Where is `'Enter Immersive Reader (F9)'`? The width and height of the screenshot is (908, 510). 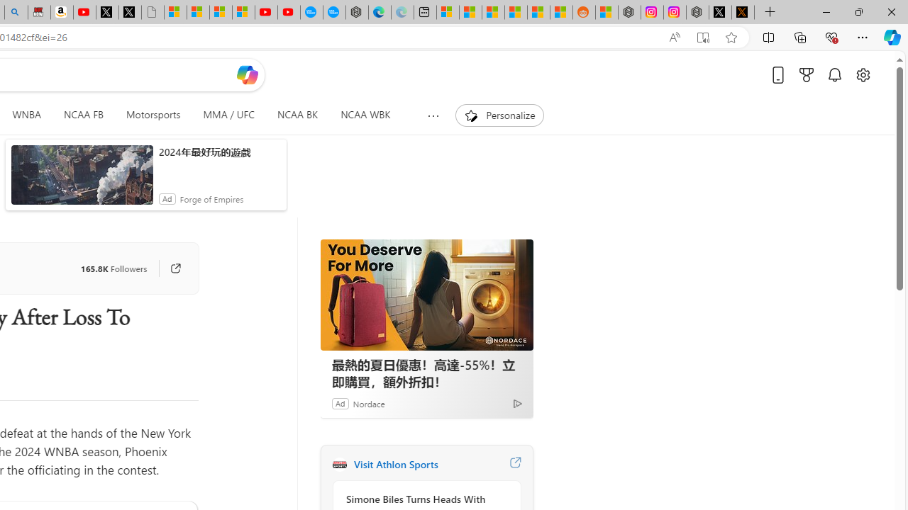
'Enter Immersive Reader (F9)' is located at coordinates (703, 37).